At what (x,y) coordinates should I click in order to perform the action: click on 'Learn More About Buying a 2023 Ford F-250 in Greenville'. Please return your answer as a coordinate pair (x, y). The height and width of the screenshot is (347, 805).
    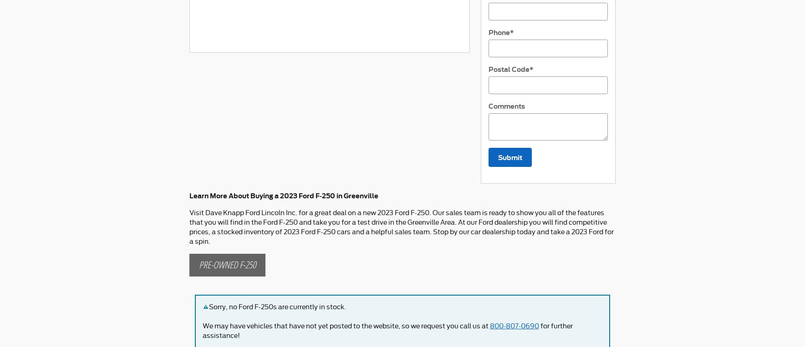
    Looking at the image, I should click on (283, 196).